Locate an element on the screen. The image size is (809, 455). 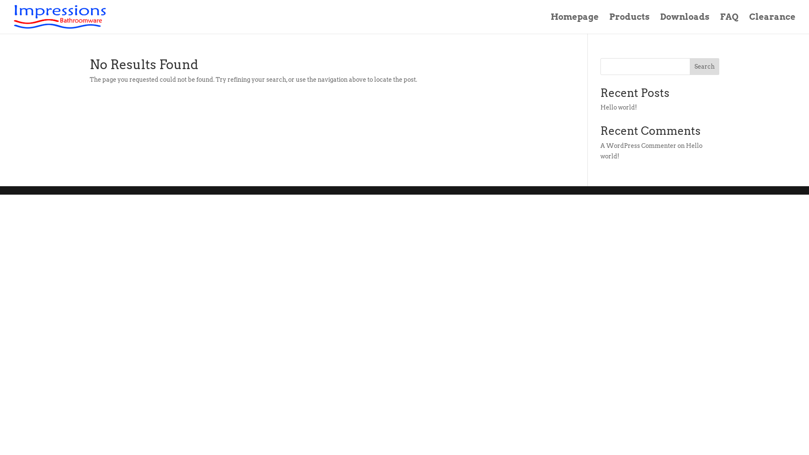
'Hello world!' is located at coordinates (651, 150).